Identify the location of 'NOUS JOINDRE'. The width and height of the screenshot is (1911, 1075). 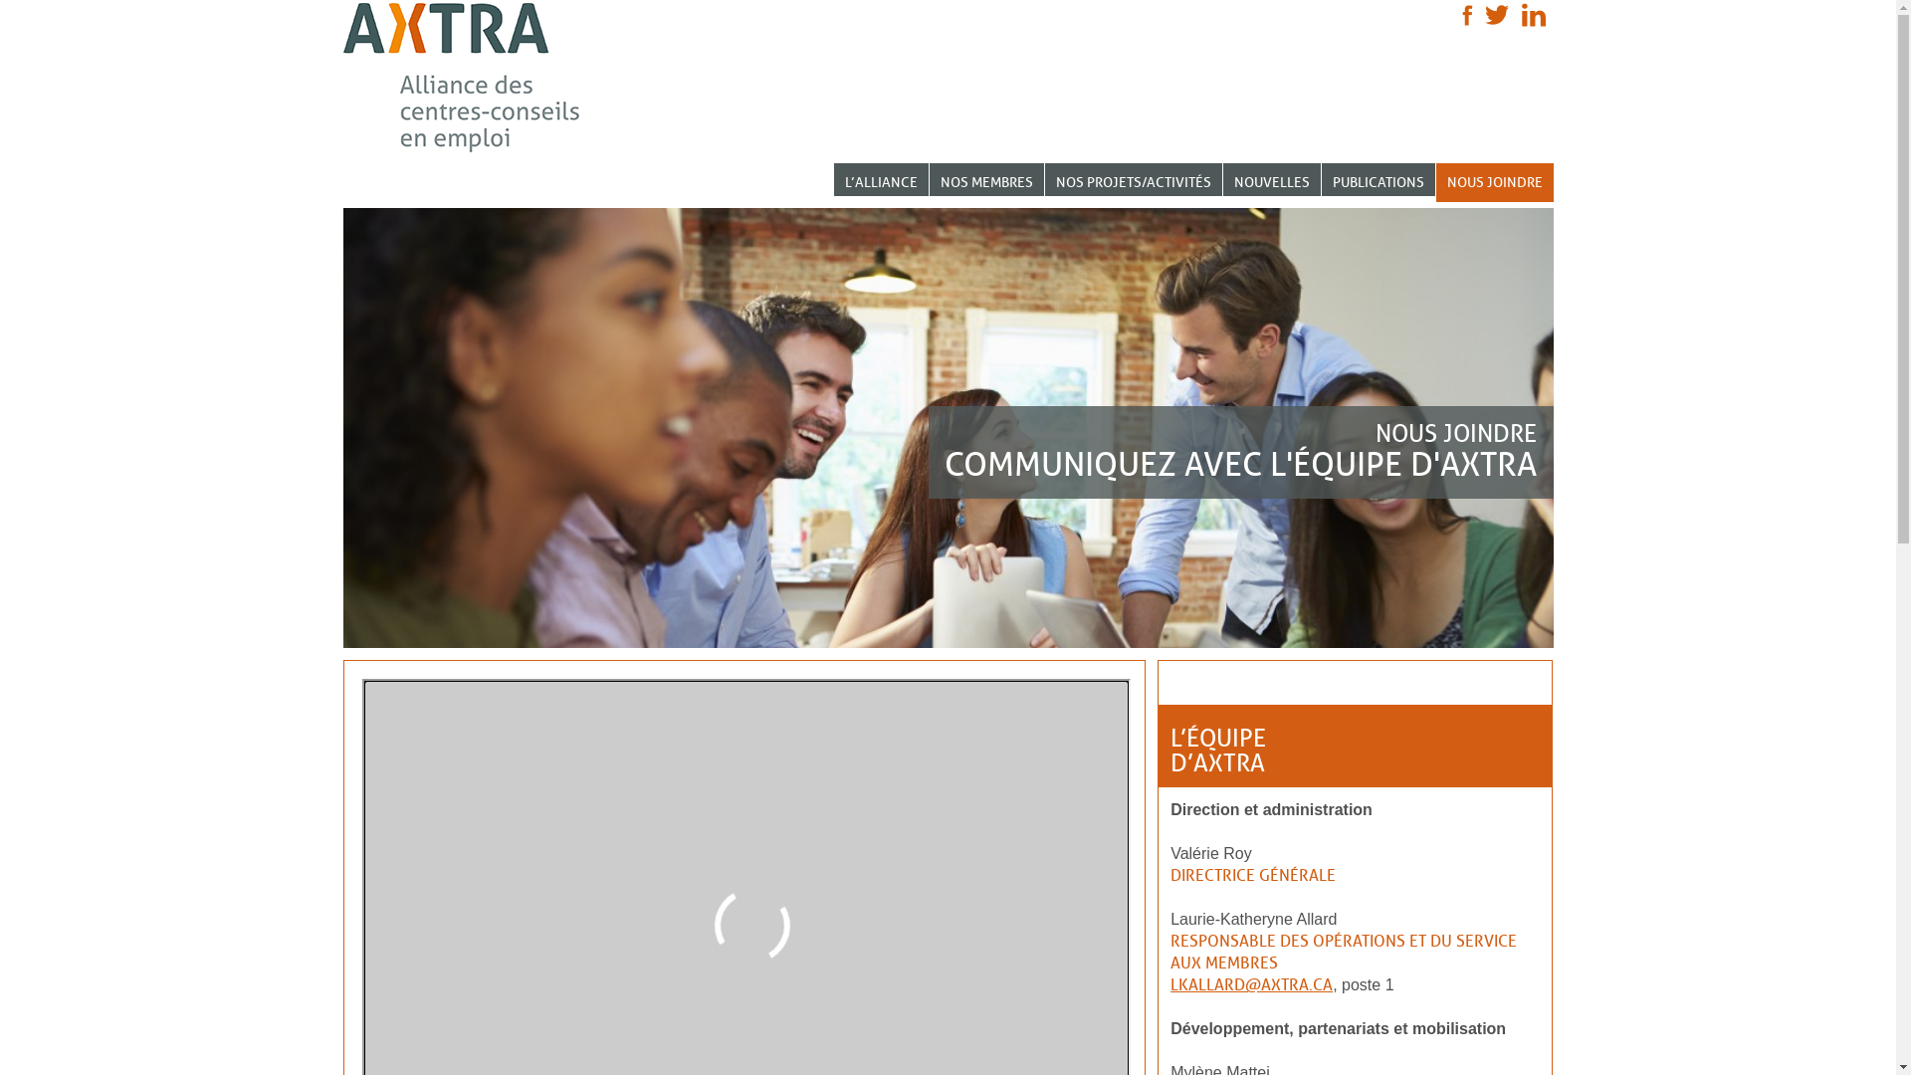
(1494, 182).